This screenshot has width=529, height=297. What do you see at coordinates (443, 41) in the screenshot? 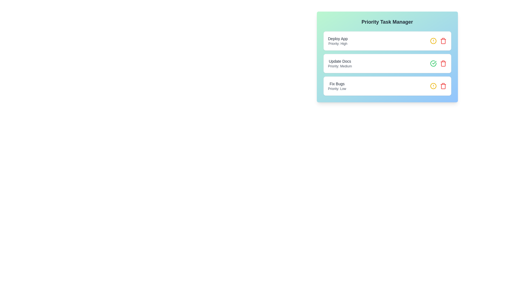
I see `the trash icon to remove the task with the name Deploy App` at bounding box center [443, 41].